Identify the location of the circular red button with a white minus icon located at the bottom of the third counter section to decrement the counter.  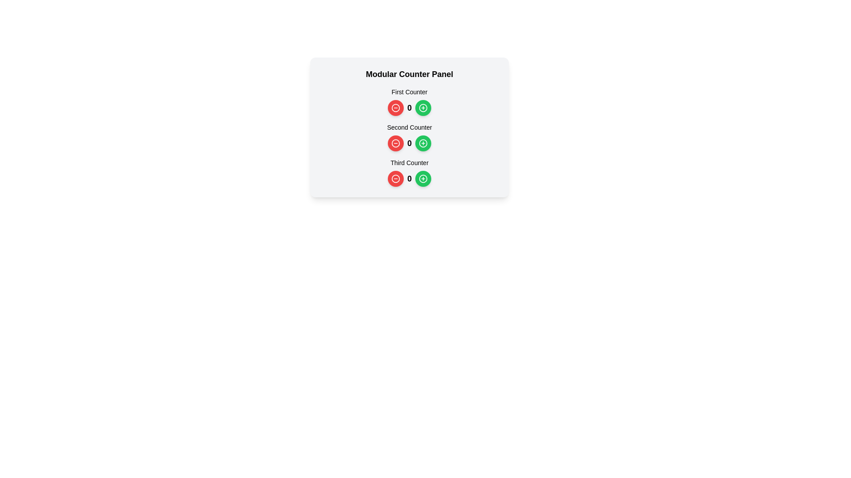
(395, 179).